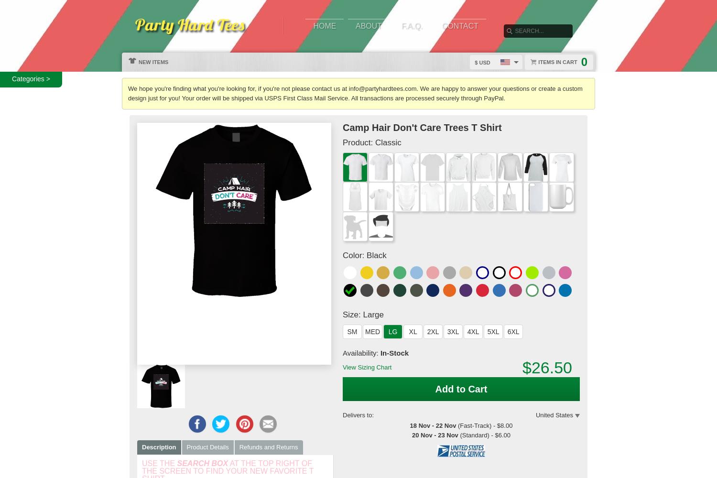  What do you see at coordinates (158, 446) in the screenshot?
I see `'Description'` at bounding box center [158, 446].